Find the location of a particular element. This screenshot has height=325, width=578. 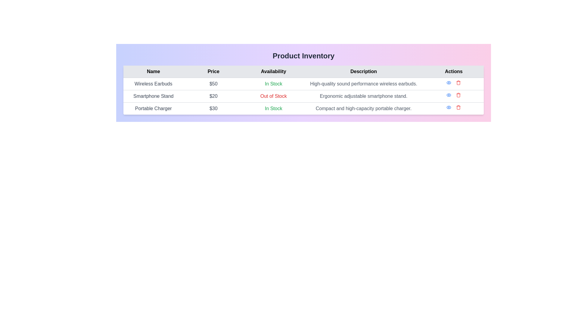

the delete button represented by a red trash icon in the 'Actions' column of the last row for 'Portable Charger' is located at coordinates (458, 107).